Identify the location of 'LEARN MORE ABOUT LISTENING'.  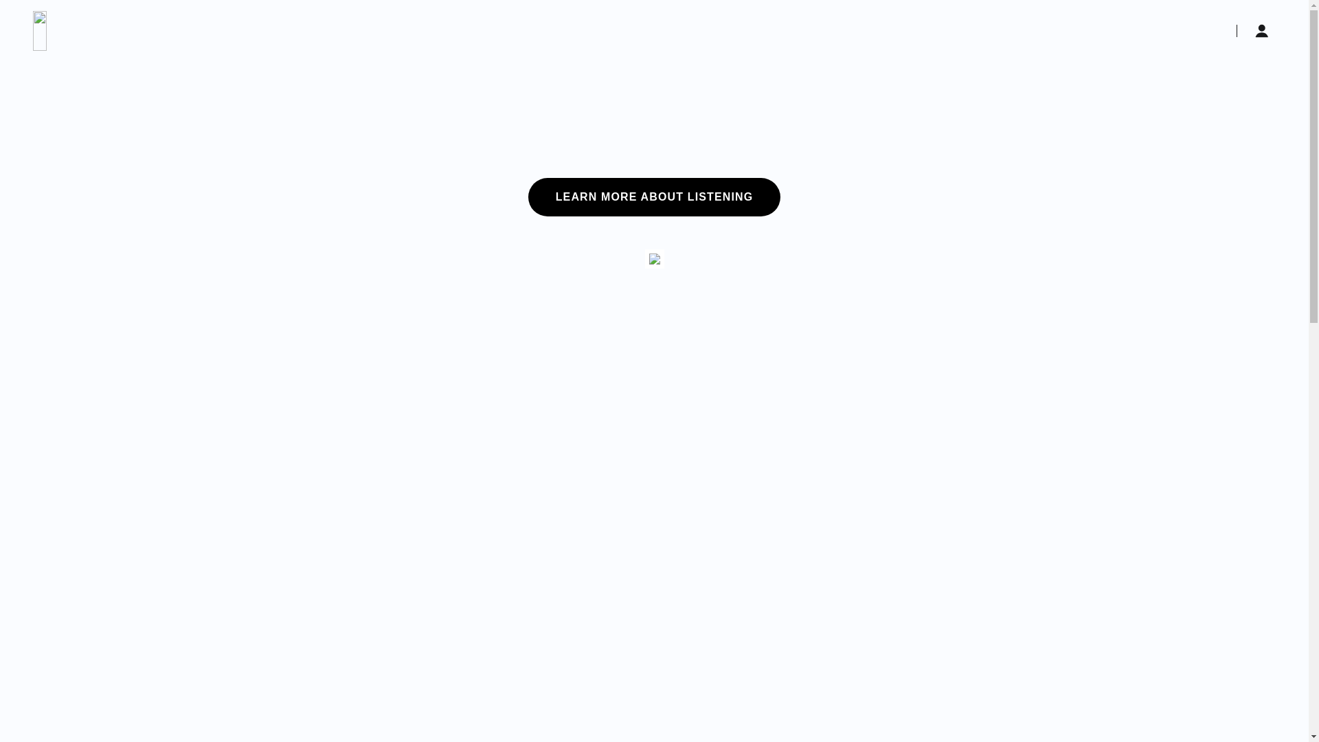
(654, 196).